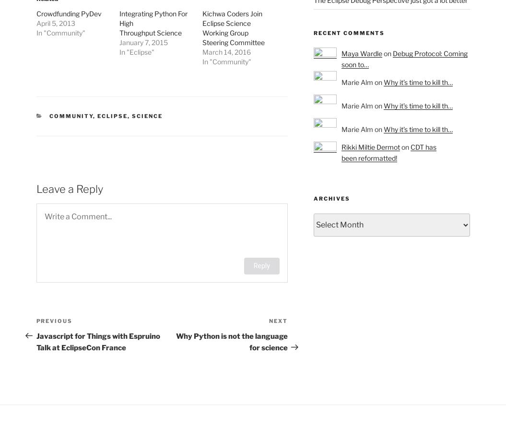 Image resolution: width=506 pixels, height=429 pixels. Describe the element at coordinates (331, 198) in the screenshot. I see `'Archives'` at that location.